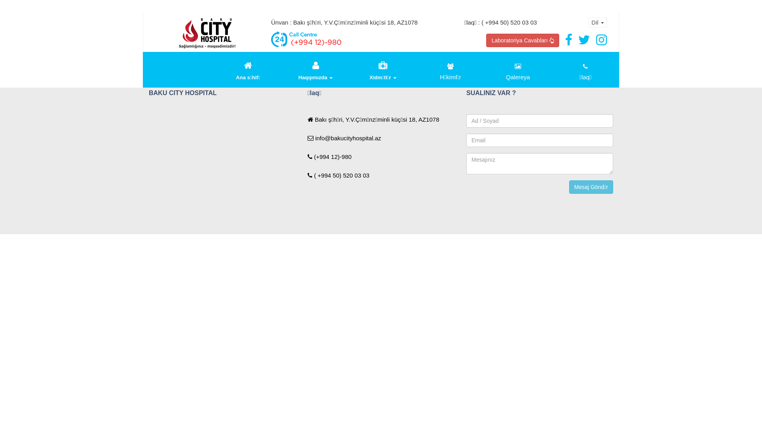 The height and width of the screenshot is (428, 762). What do you see at coordinates (307, 175) in the screenshot?
I see `'( +994 50) 520 03 03'` at bounding box center [307, 175].